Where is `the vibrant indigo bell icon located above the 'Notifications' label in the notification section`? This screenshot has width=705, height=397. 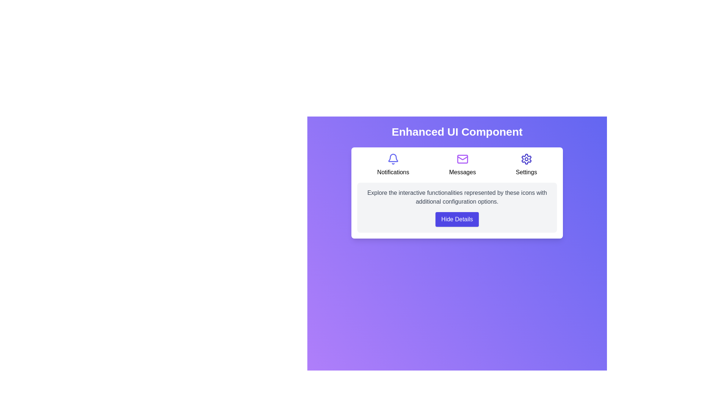 the vibrant indigo bell icon located above the 'Notifications' label in the notification section is located at coordinates (393, 158).